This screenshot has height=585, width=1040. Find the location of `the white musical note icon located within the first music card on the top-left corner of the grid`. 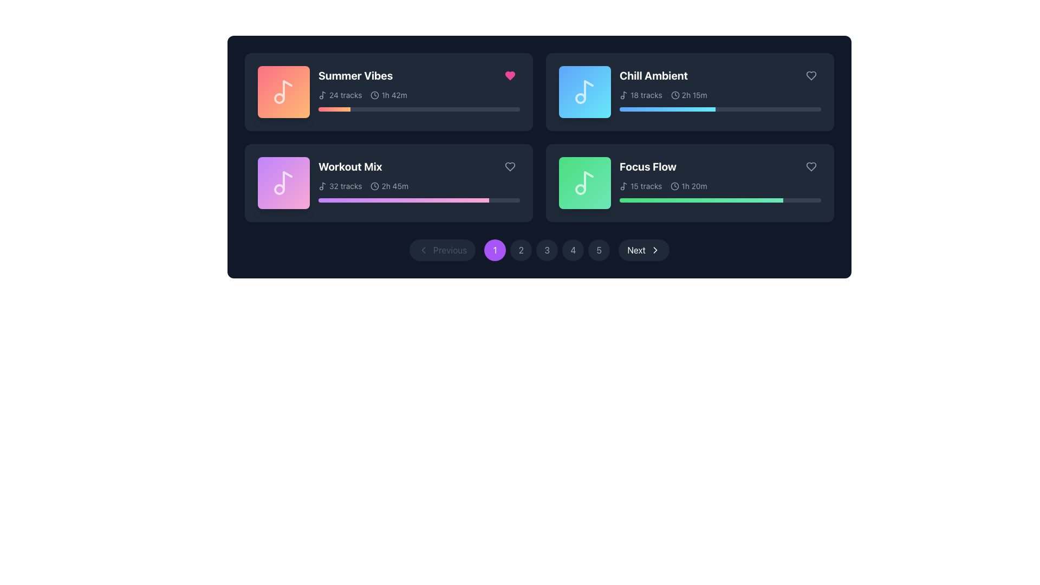

the white musical note icon located within the first music card on the top-left corner of the grid is located at coordinates (283, 91).